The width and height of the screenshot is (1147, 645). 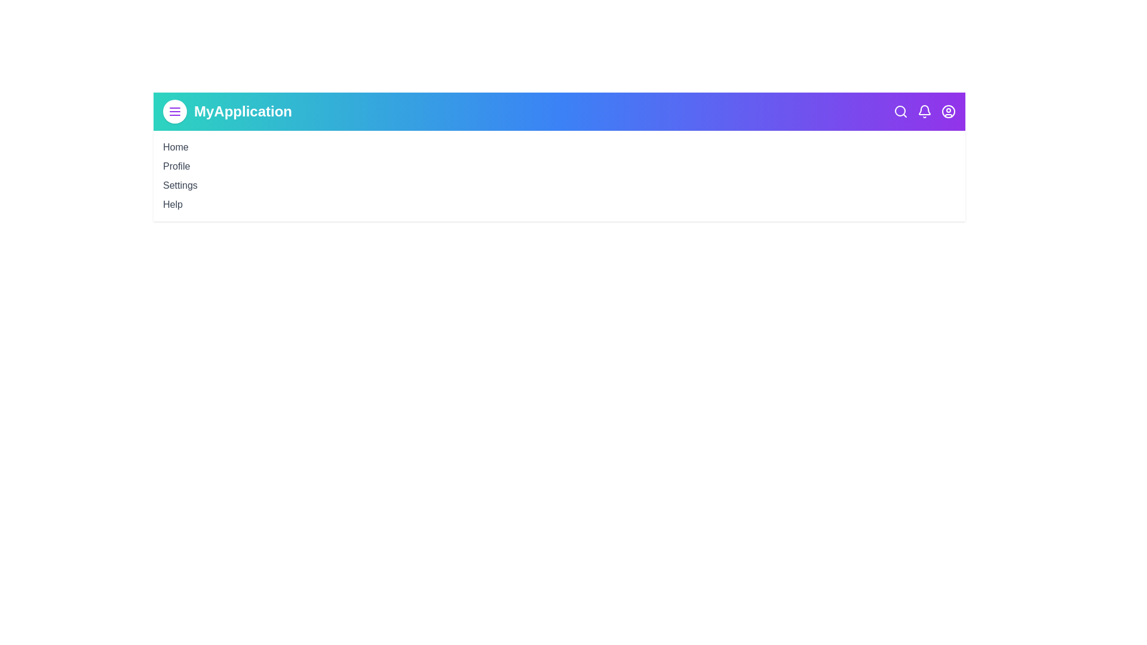 I want to click on the Profile navigation link, so click(x=175, y=165).